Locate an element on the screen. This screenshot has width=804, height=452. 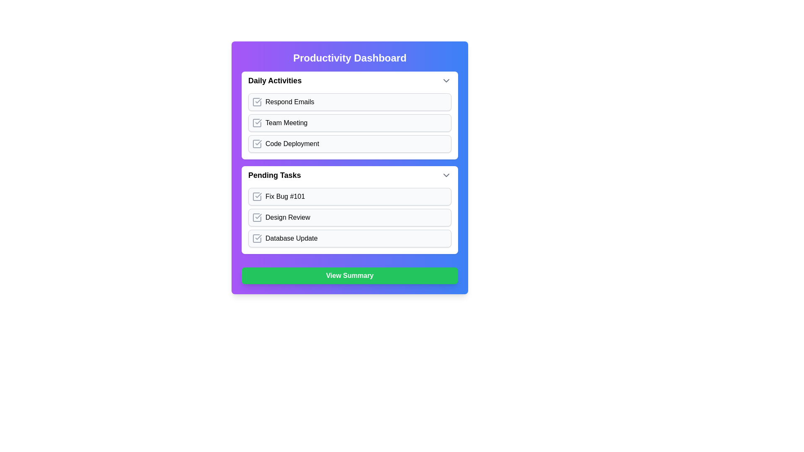
the Text label (header) indicating the purpose of the 'Daily Activities' section is located at coordinates (275, 80).